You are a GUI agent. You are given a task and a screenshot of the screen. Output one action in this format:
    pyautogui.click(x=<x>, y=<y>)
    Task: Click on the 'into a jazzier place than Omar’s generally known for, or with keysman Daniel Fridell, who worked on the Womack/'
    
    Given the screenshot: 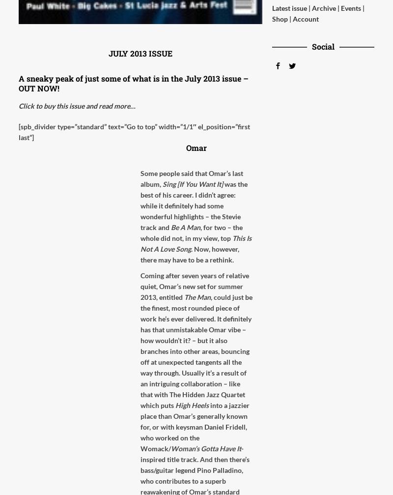 What is the action you would take?
    pyautogui.click(x=194, y=426)
    